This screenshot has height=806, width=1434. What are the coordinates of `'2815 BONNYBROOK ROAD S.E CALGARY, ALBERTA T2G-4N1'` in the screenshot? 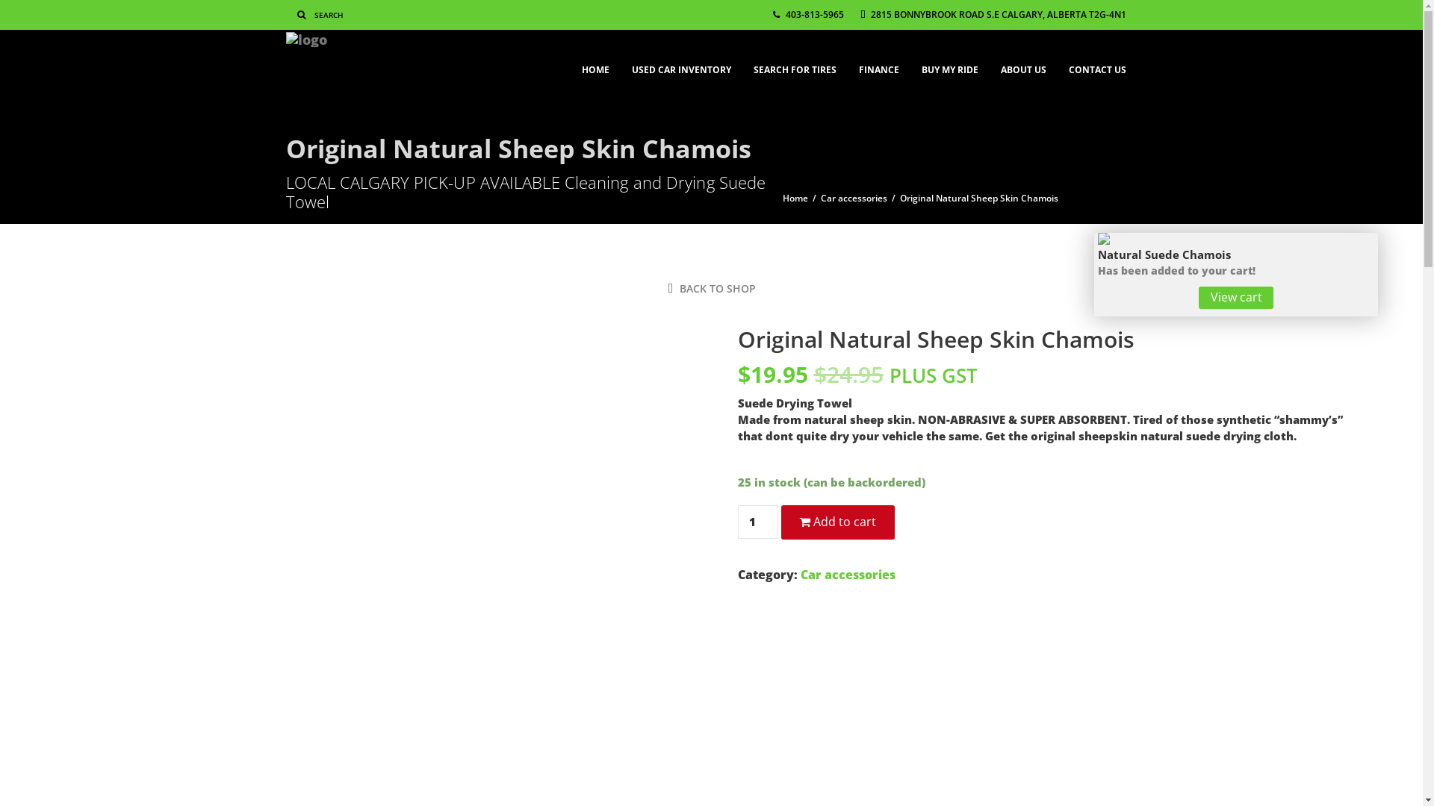 It's located at (993, 14).